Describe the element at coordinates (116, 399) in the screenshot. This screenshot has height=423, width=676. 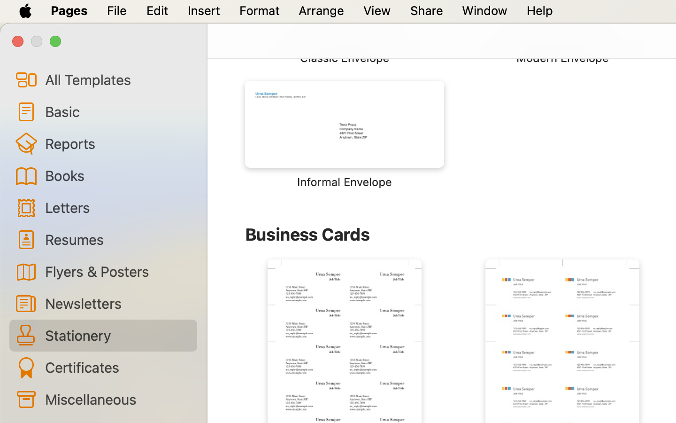
I see `'Miscellaneous'` at that location.